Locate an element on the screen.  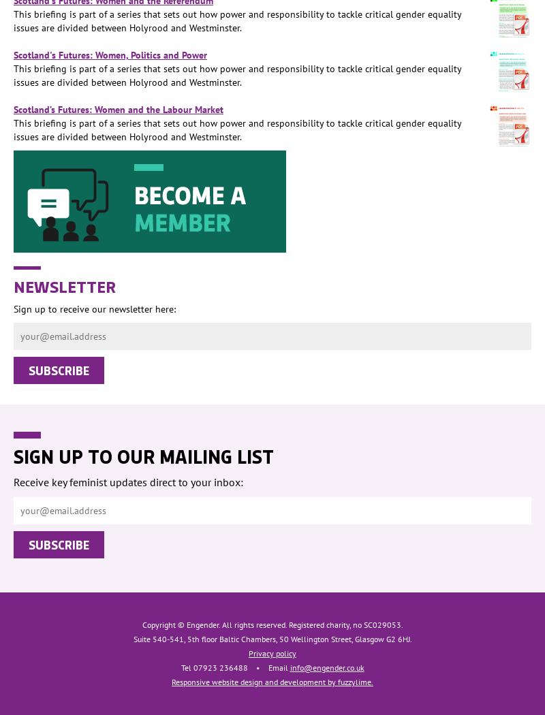
'Email' is located at coordinates (267, 667).